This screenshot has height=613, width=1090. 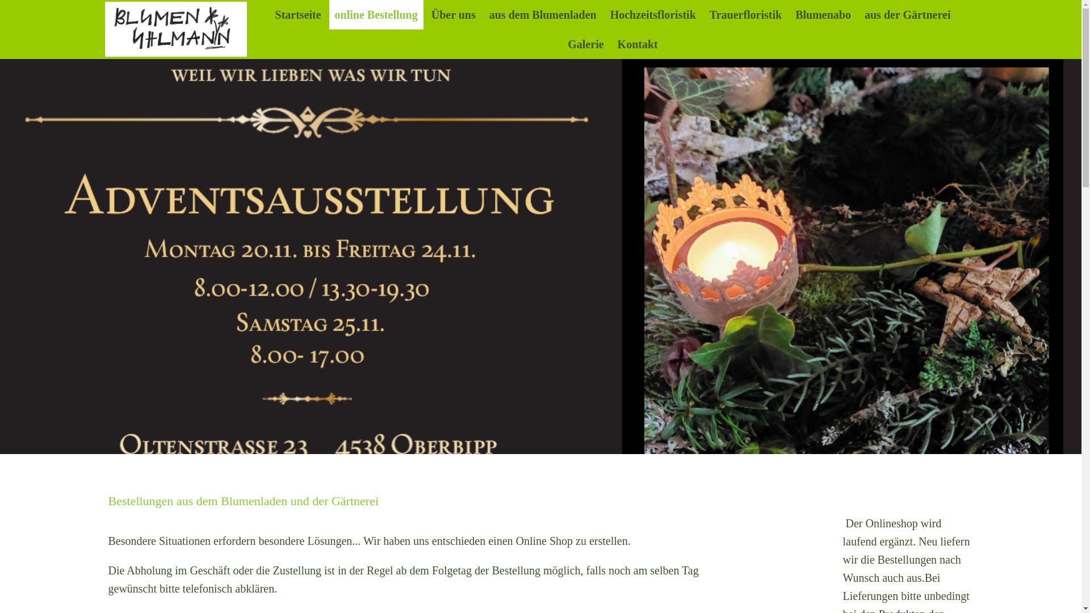 What do you see at coordinates (638, 43) in the screenshot?
I see `'Kontakt'` at bounding box center [638, 43].